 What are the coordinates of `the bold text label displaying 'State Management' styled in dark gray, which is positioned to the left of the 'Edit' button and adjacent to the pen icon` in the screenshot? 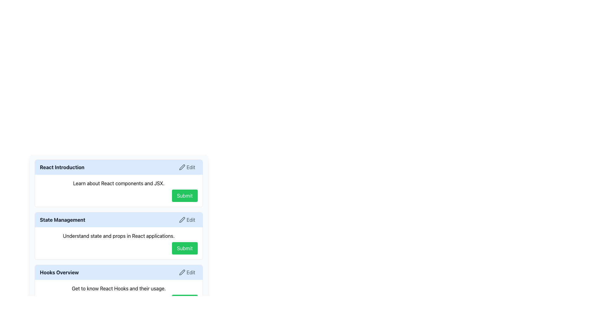 It's located at (62, 219).